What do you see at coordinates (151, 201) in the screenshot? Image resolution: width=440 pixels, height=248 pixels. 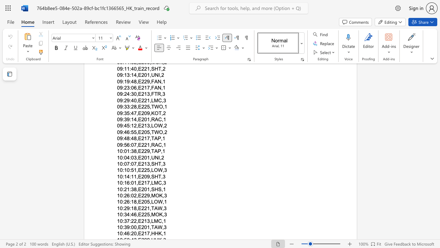 I see `the space between the continuous character "," and "L" in the text` at bounding box center [151, 201].